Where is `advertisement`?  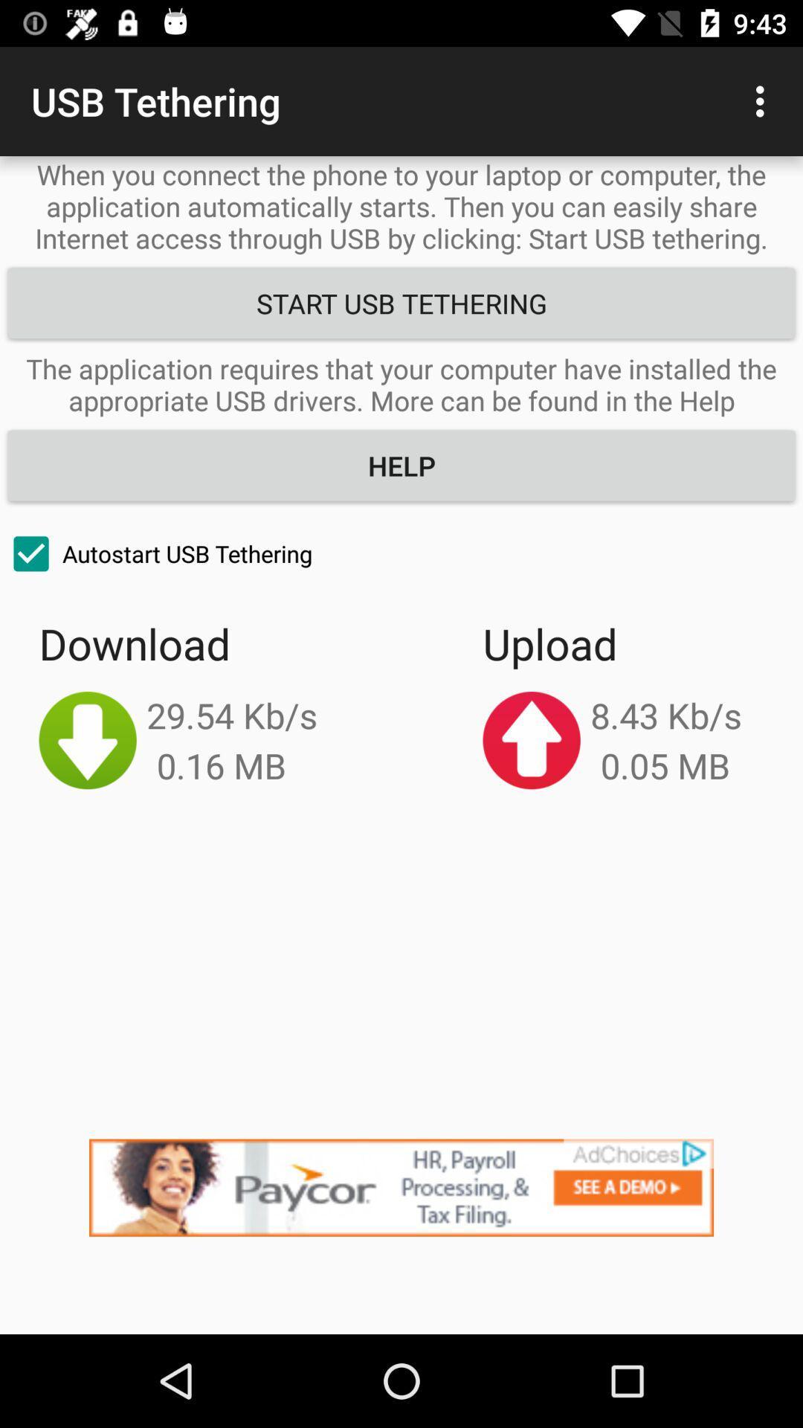
advertisement is located at coordinates (401, 1236).